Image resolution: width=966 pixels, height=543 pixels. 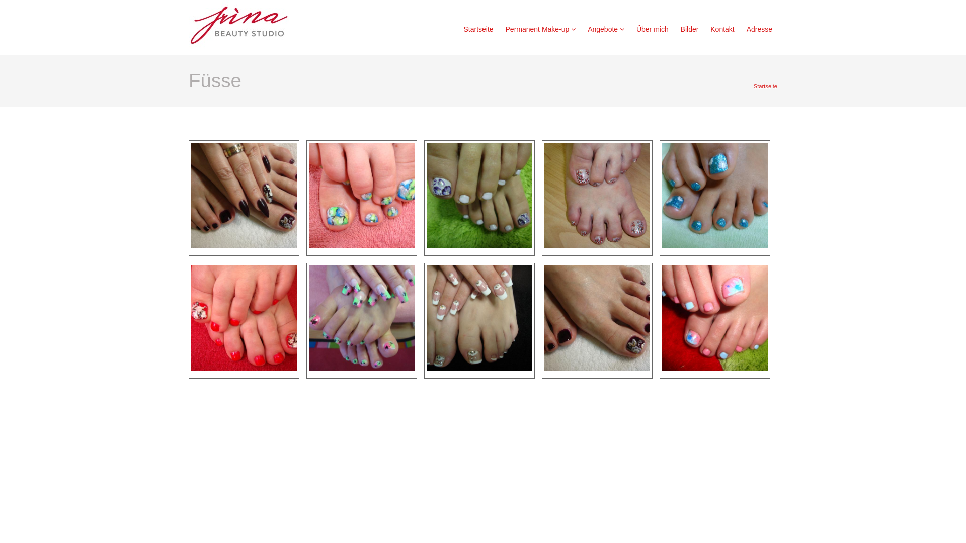 What do you see at coordinates (605, 28) in the screenshot?
I see `'Angebote'` at bounding box center [605, 28].